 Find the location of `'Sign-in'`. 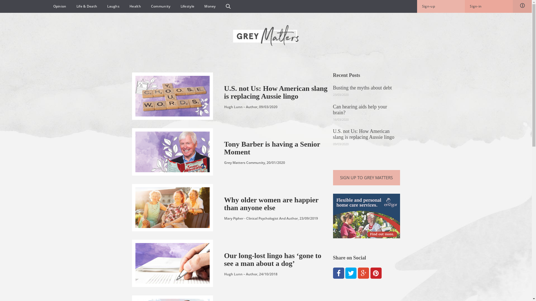

'Sign-in' is located at coordinates (470, 6).